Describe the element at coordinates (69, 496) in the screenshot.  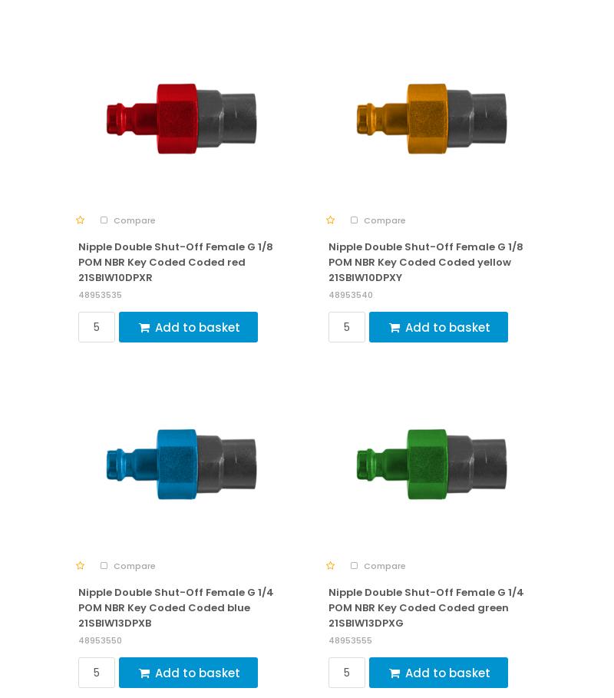
I see `'Certificates'` at that location.